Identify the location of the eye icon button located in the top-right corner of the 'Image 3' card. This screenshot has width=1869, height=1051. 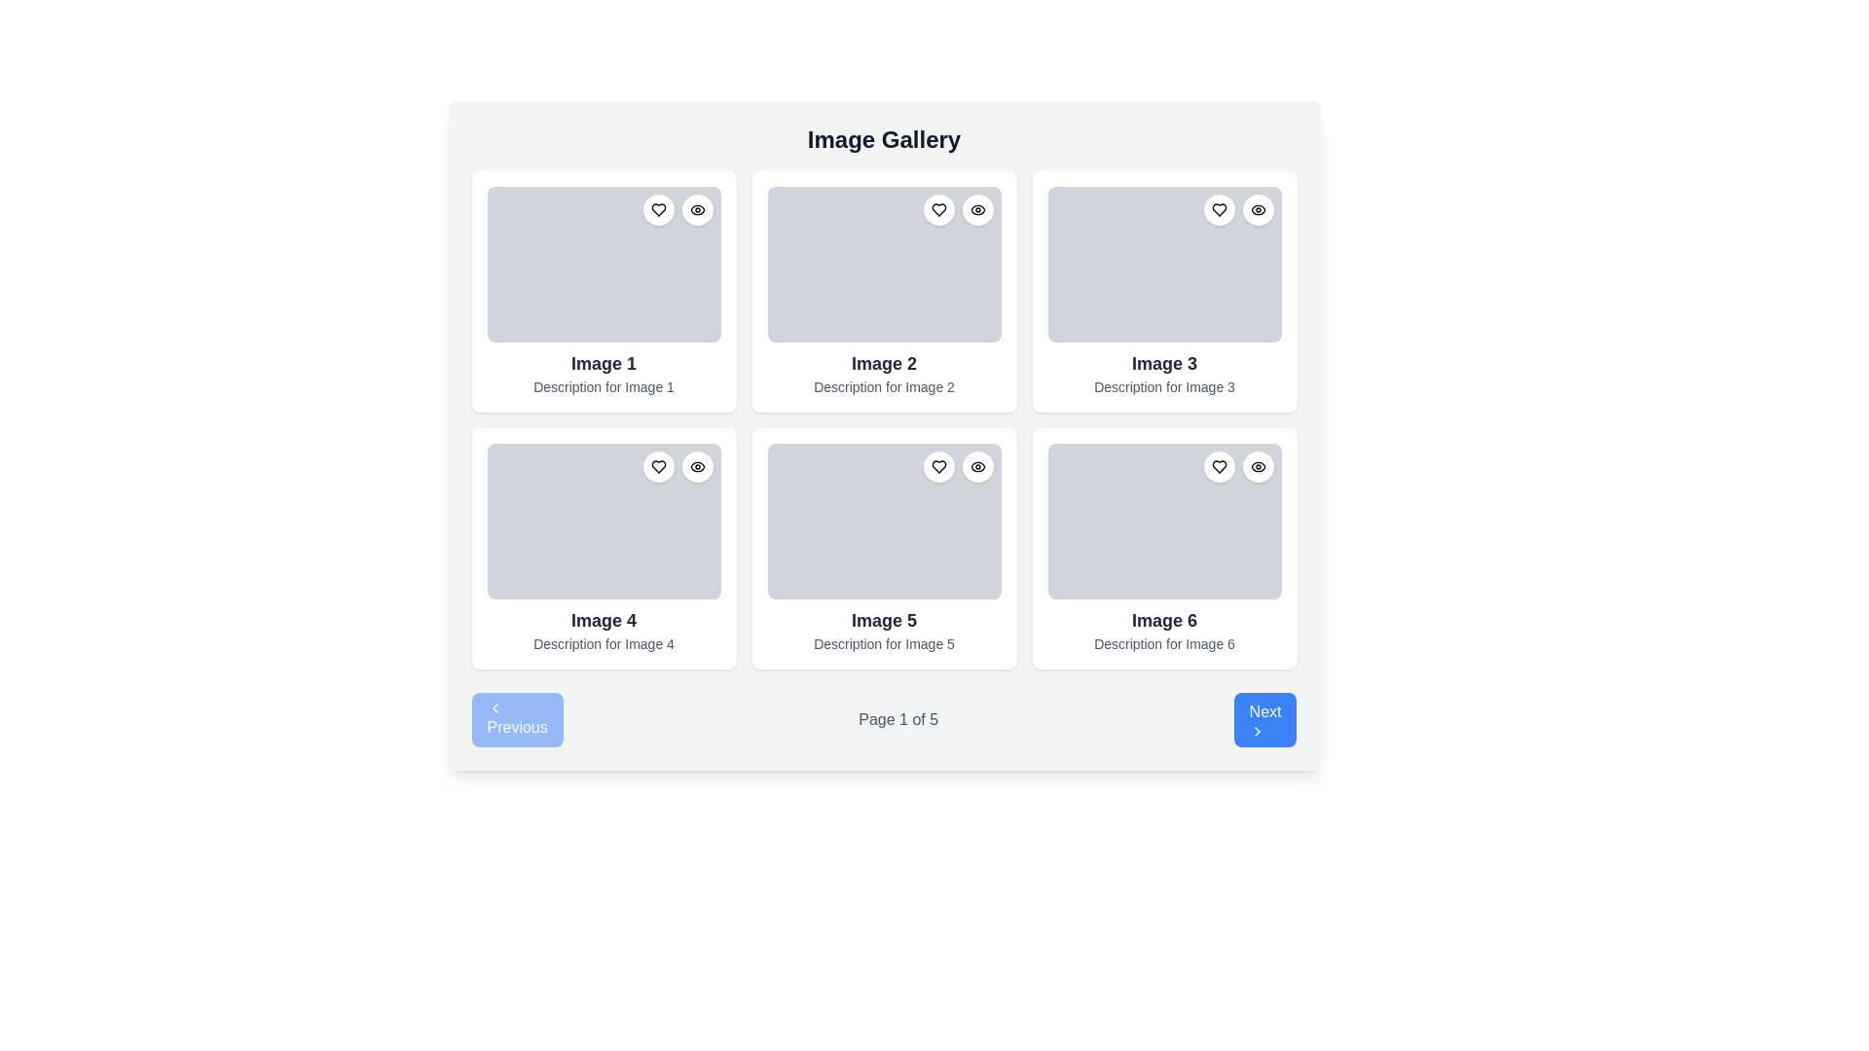
(1258, 210).